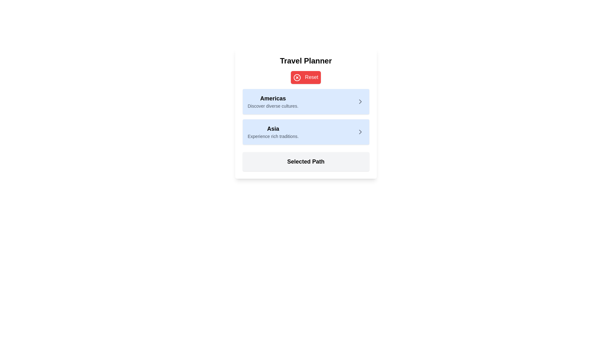 The image size is (607, 341). What do you see at coordinates (273, 128) in the screenshot?
I see `the bold text label displaying 'Asia', which is the primary title in the second selectable list item under the 'Travel Planner' section, below 'Americas'` at bounding box center [273, 128].